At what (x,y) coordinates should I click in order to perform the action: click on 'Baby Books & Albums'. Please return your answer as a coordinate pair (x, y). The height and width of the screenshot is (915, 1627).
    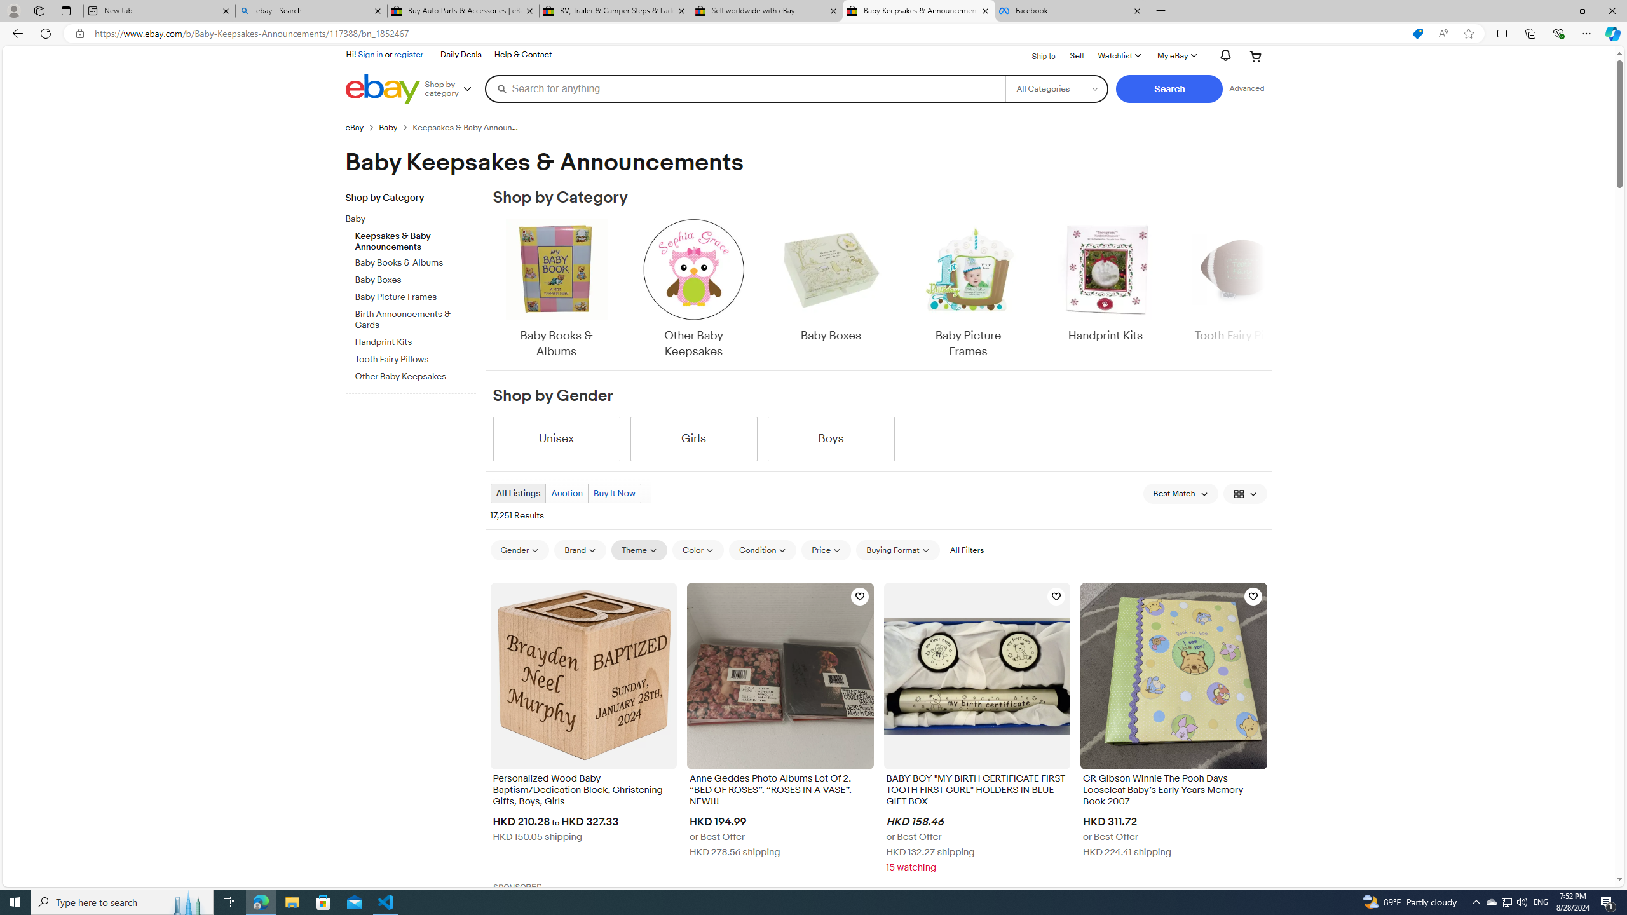
    Looking at the image, I should click on (556, 289).